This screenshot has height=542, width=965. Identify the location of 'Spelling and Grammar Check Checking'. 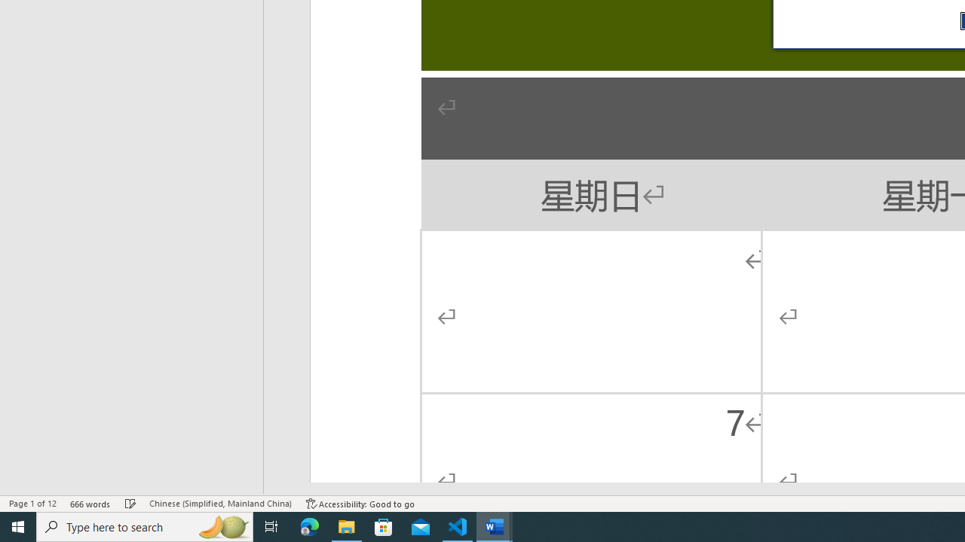
(130, 504).